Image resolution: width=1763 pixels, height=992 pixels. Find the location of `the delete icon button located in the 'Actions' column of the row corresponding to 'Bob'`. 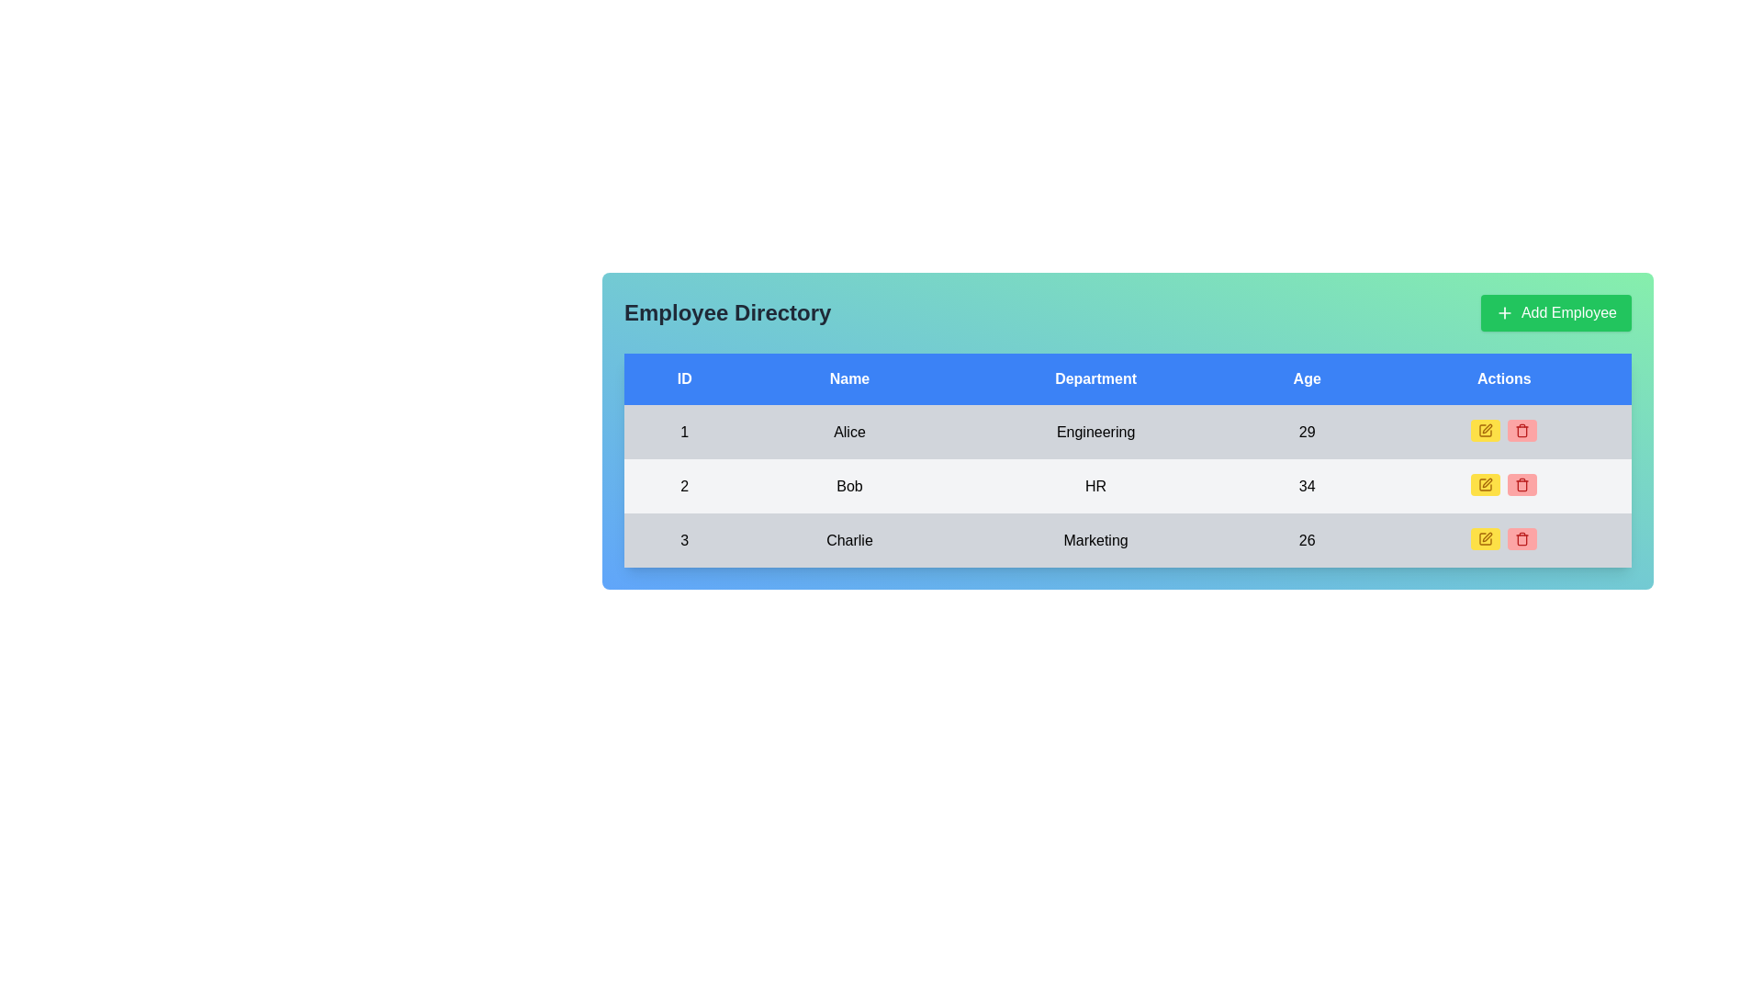

the delete icon button located in the 'Actions' column of the row corresponding to 'Bob' is located at coordinates (1522, 484).